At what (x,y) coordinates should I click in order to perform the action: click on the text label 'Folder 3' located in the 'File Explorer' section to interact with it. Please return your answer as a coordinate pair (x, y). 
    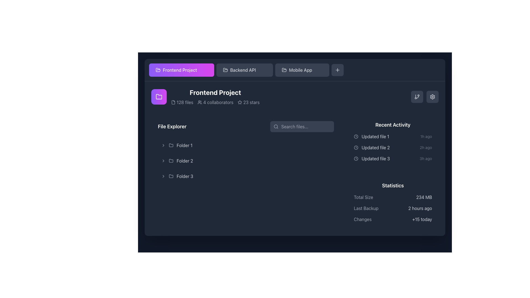
    Looking at the image, I should click on (185, 176).